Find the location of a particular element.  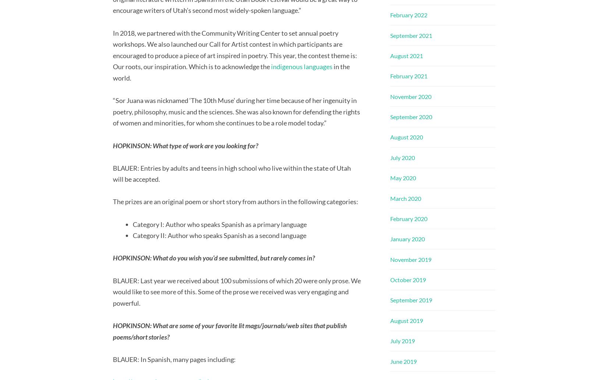

'BLAUER: Last year we received about 100 submissions of which 20 were only prose. We would like to see more of this. Some of the prose we received was very engaging and powerful.' is located at coordinates (112, 291).